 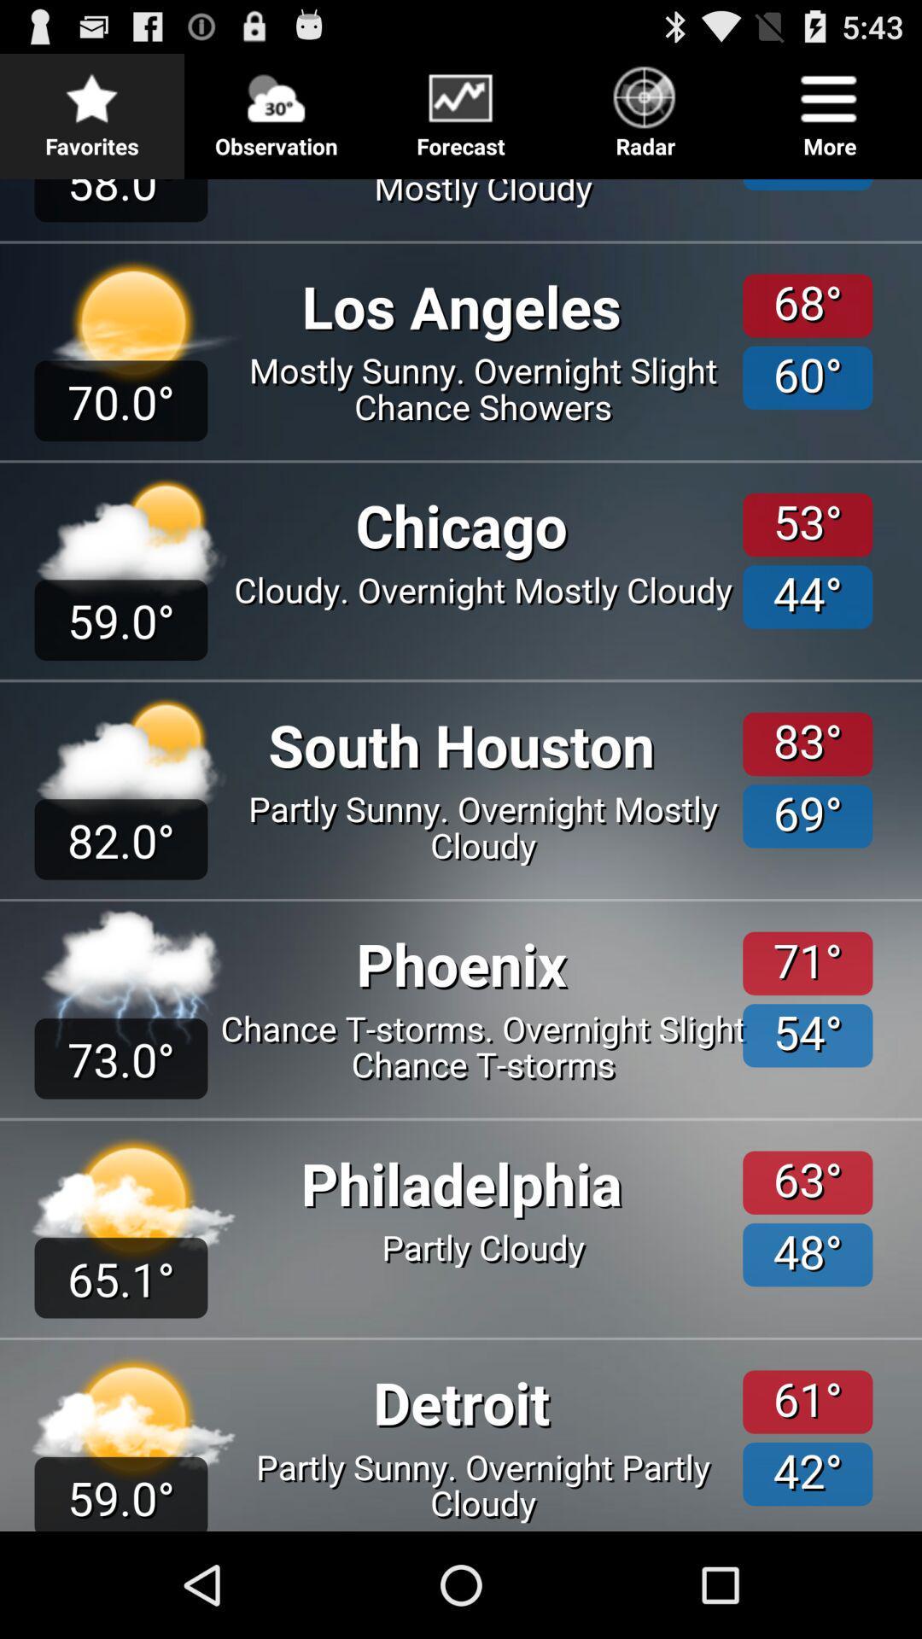 What do you see at coordinates (461, 106) in the screenshot?
I see `icon next to observation button` at bounding box center [461, 106].